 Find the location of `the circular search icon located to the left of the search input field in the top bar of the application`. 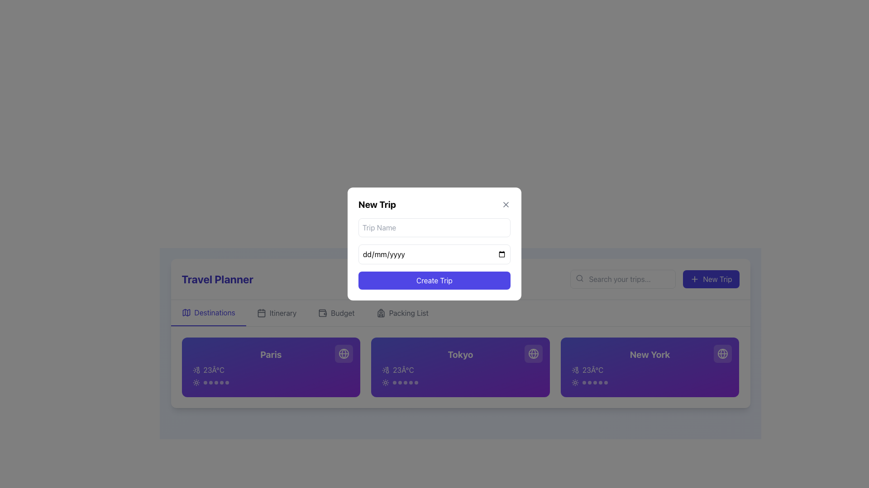

the circular search icon located to the left of the search input field in the top bar of the application is located at coordinates (579, 277).